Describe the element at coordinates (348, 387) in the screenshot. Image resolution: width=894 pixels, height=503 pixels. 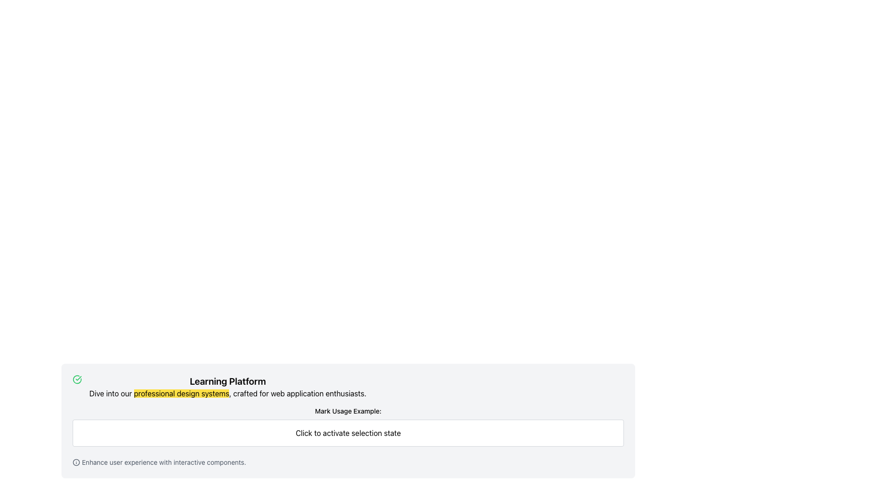
I see `the Text Block that starts with the bold heading 'Learning Platform' and contains the descriptive sentence about 'professional design systems.'` at that location.